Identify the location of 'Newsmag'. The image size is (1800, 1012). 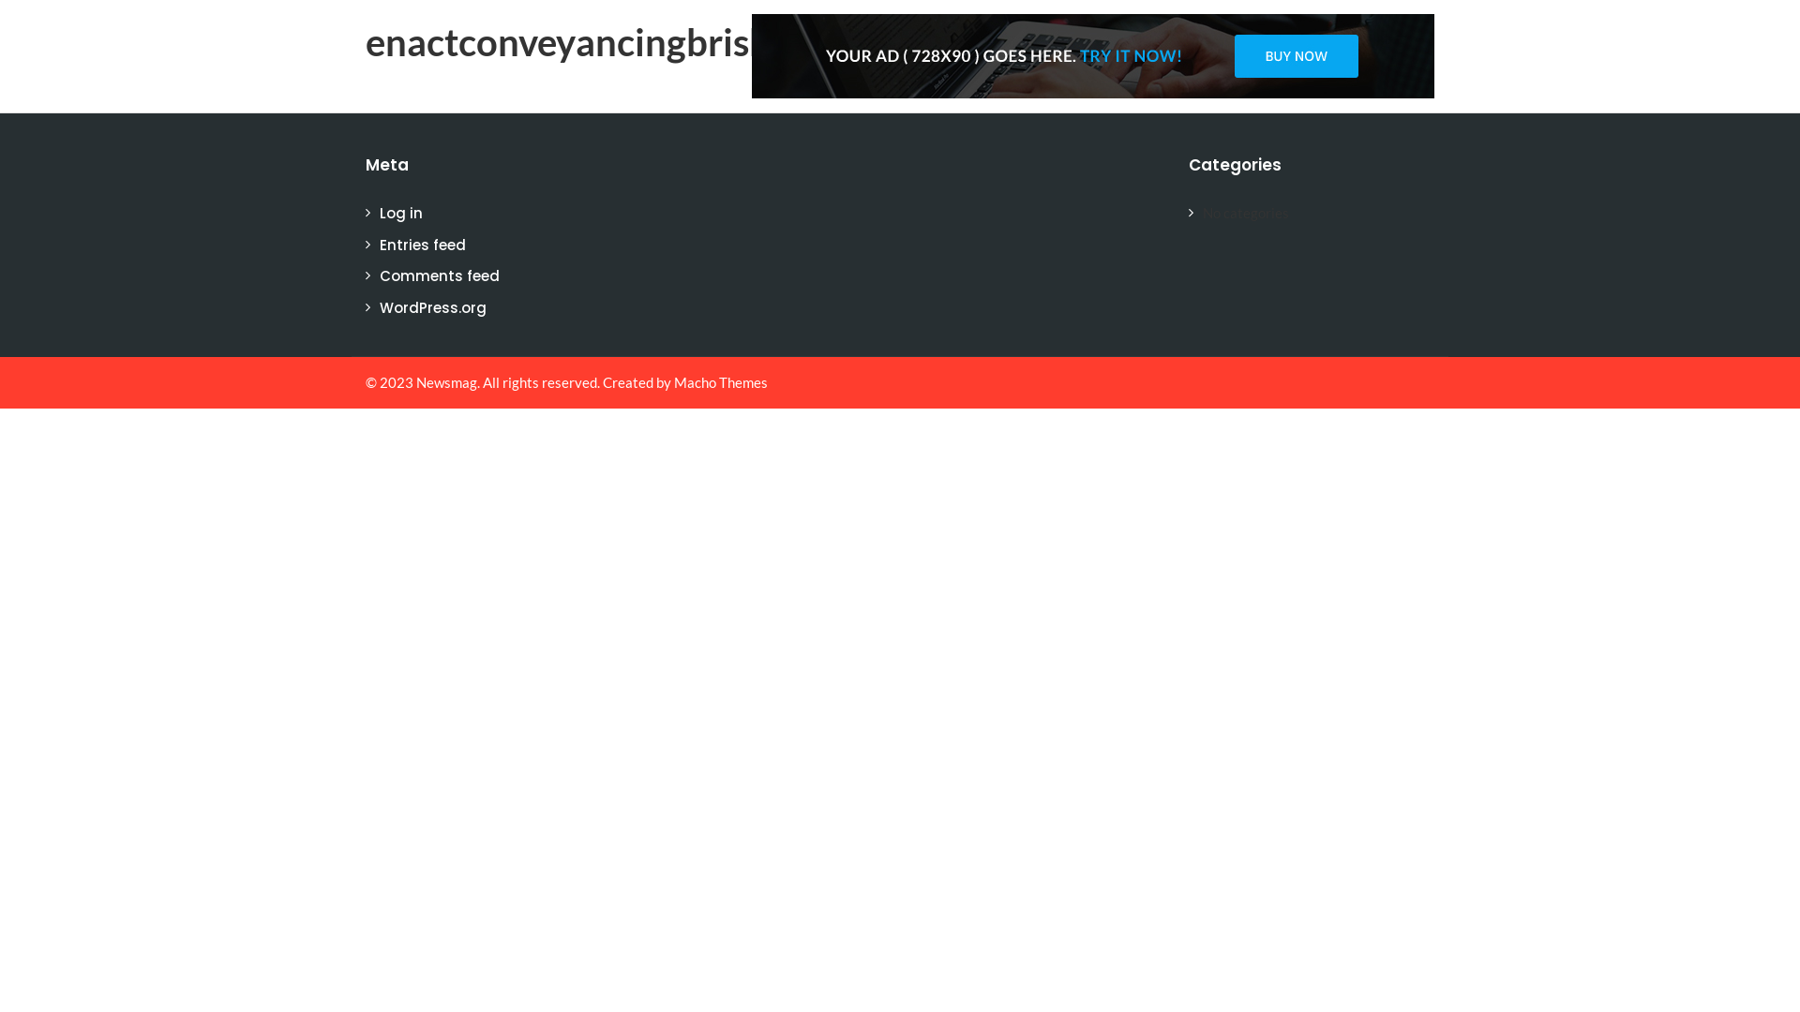
(445, 381).